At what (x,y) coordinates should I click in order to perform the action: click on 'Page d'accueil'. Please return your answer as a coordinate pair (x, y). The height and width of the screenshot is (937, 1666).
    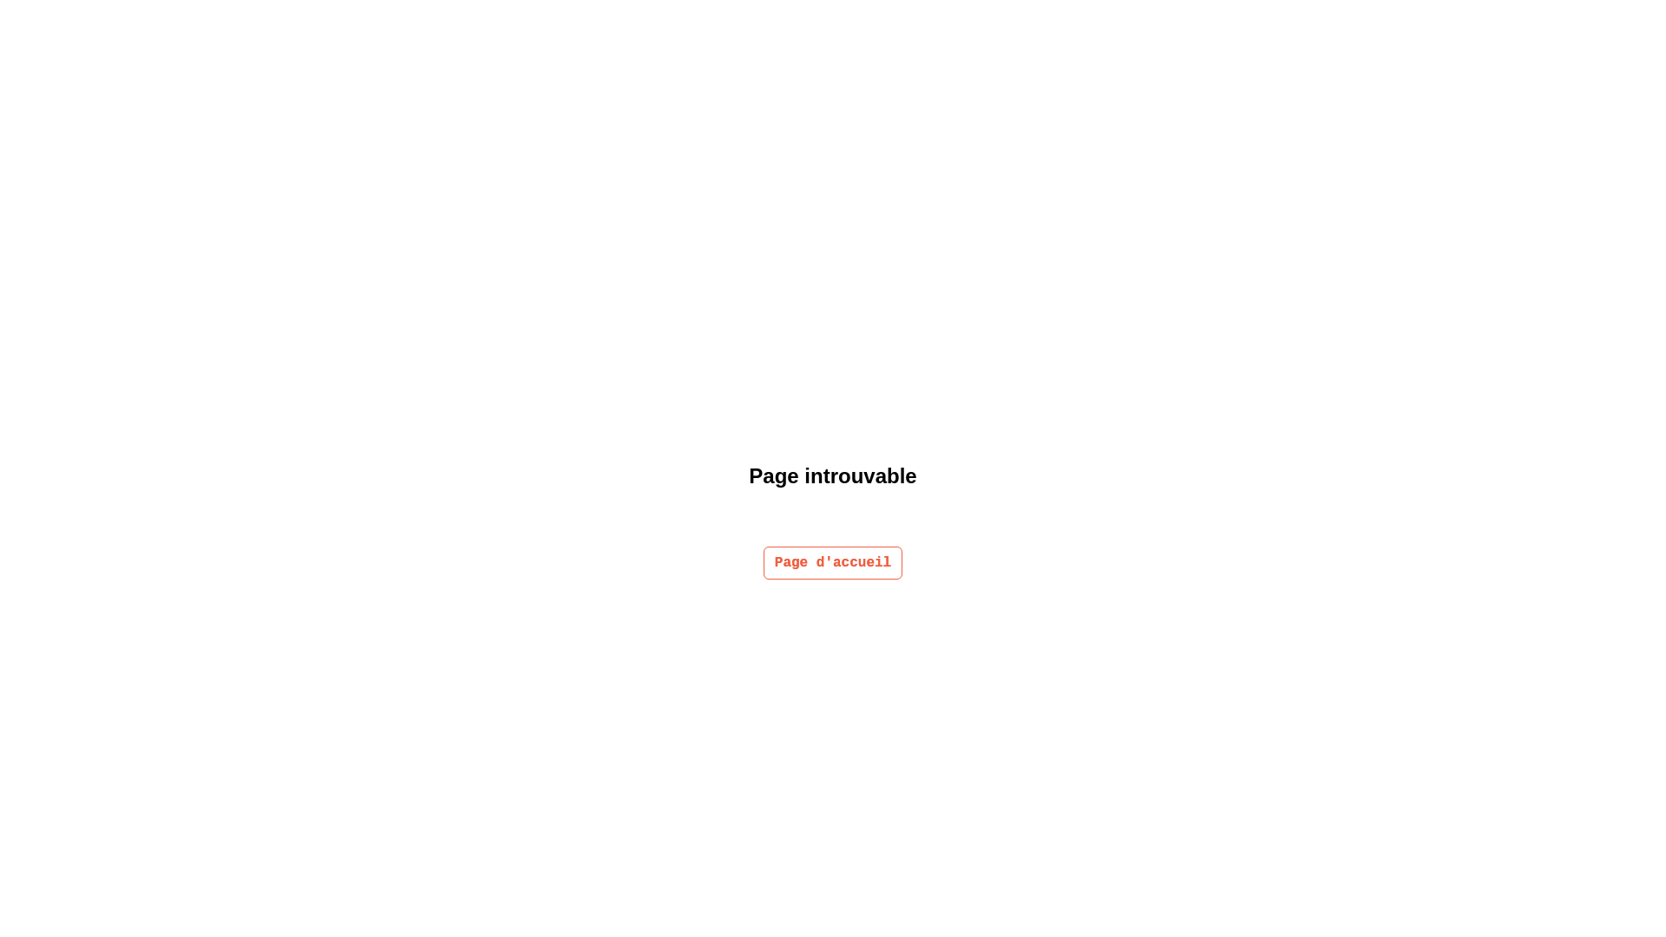
    Looking at the image, I should click on (763, 562).